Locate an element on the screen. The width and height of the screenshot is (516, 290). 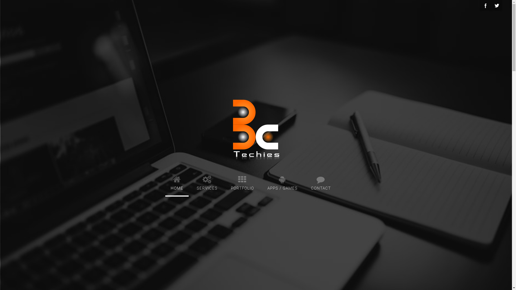
'Twitter' is located at coordinates (496, 5).